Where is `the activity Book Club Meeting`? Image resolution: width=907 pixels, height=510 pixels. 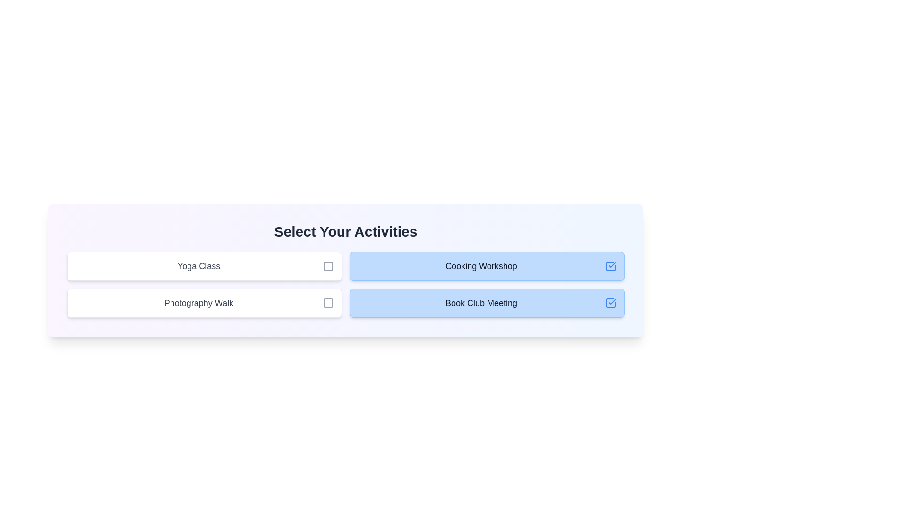
the activity Book Club Meeting is located at coordinates (487, 303).